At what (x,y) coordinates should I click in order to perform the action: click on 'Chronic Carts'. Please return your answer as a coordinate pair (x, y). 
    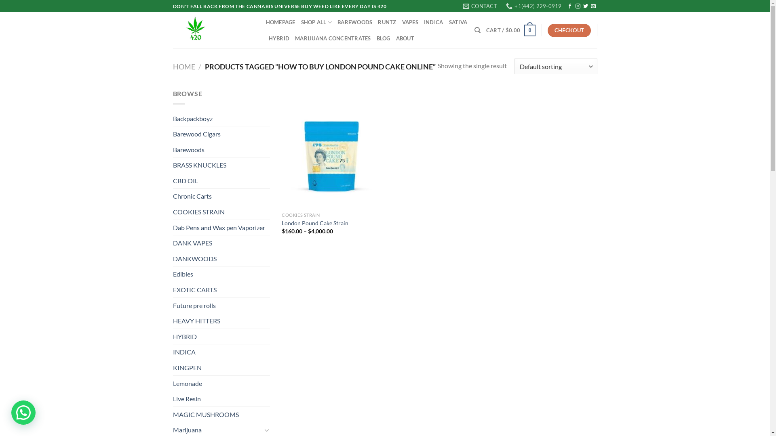
    Looking at the image, I should click on (172, 196).